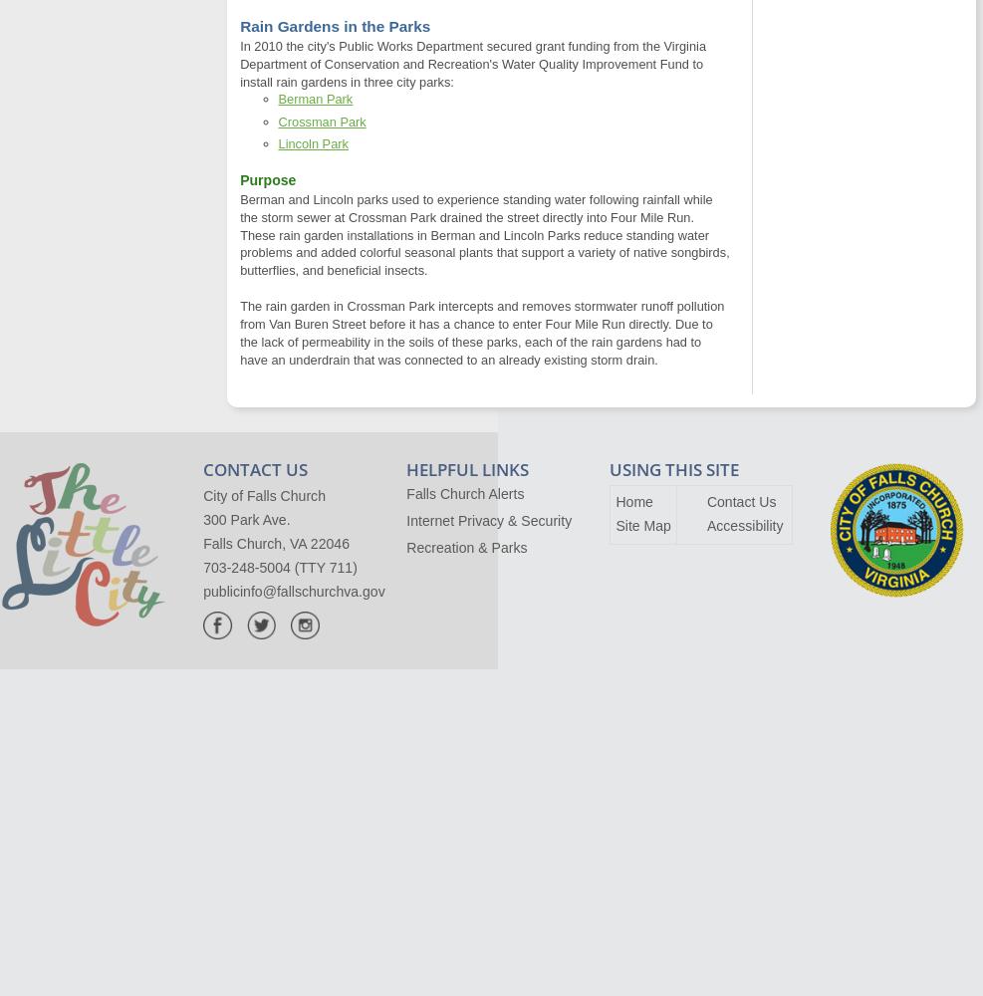  What do you see at coordinates (240, 62) in the screenshot?
I see `'In 2010 the city's Public Works Department secured grant funding from the Virginia Department of Conservation and Recreation's Water Quality Improvement Fund to install rain gardens in three city parks:'` at bounding box center [240, 62].